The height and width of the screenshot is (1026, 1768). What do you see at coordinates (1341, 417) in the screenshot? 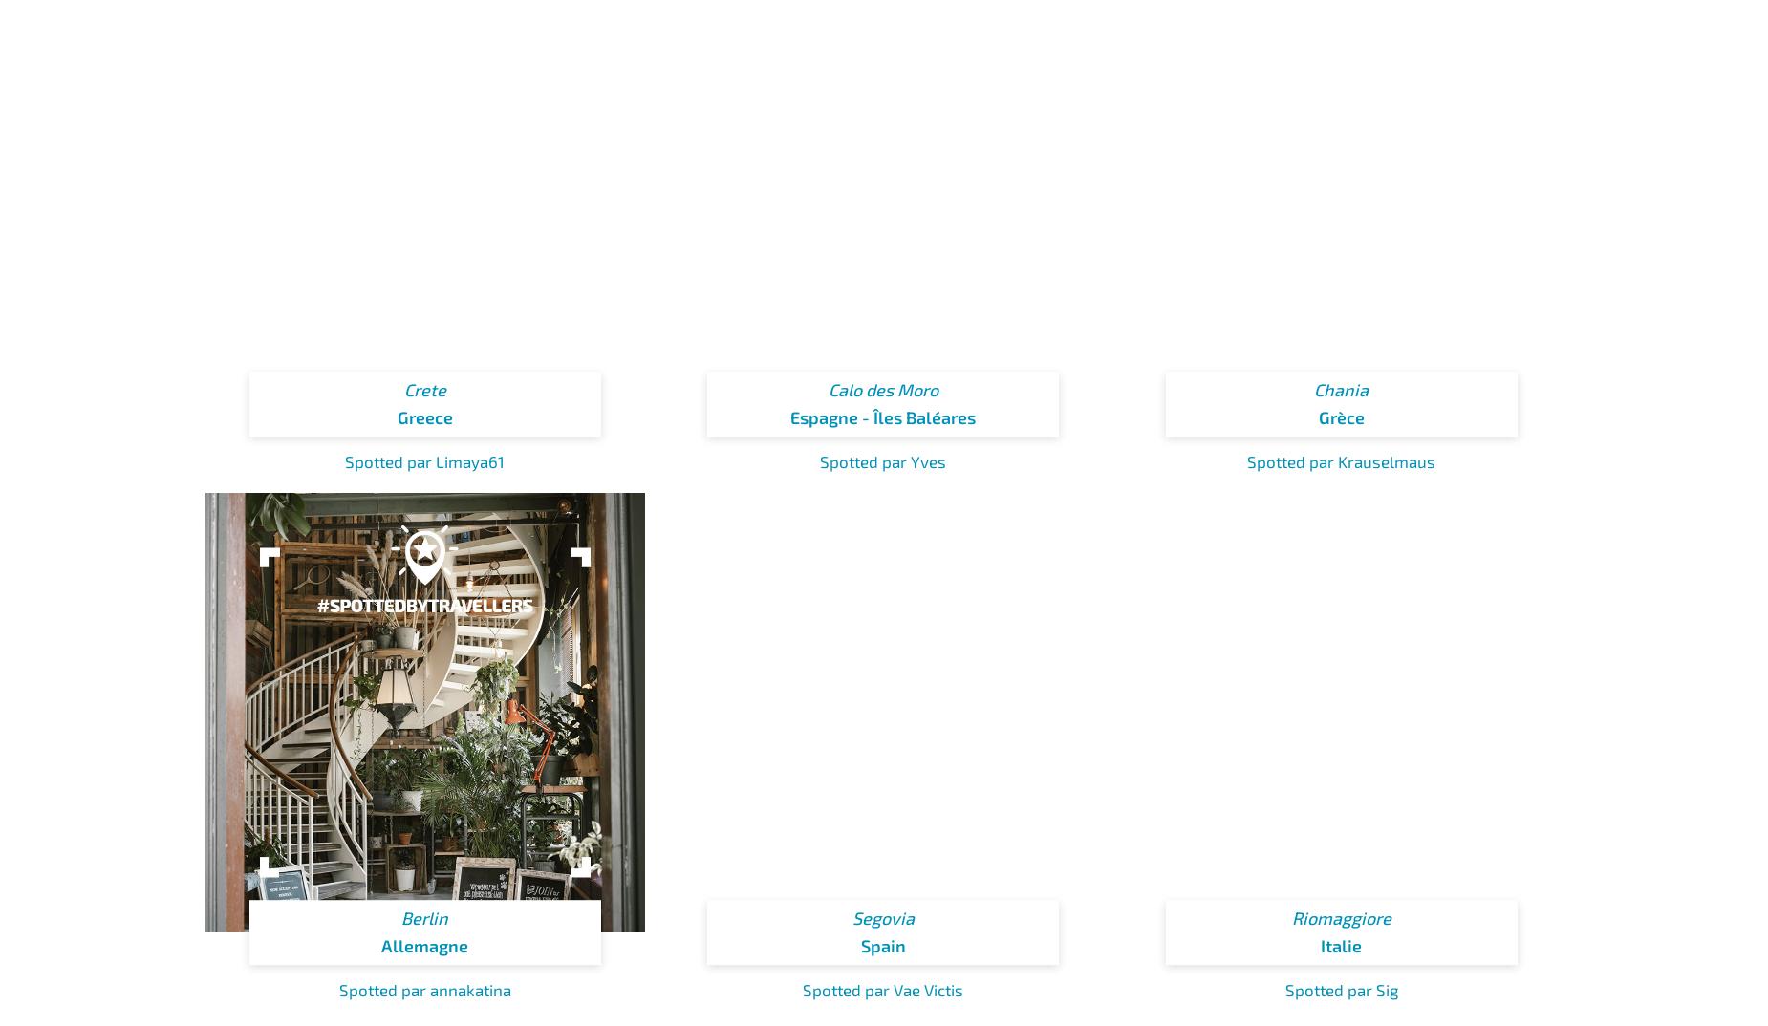
I see `'Grèce'` at bounding box center [1341, 417].